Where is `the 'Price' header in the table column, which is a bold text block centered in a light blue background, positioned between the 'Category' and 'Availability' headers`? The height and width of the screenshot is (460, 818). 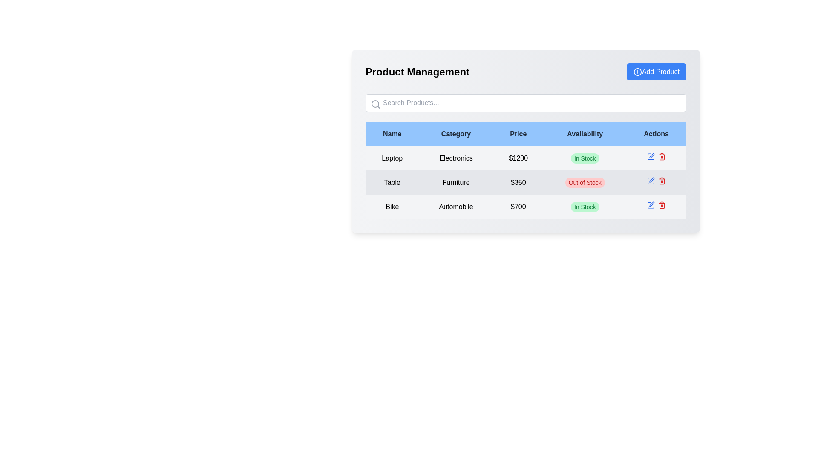 the 'Price' header in the table column, which is a bold text block centered in a light blue background, positioned between the 'Category' and 'Availability' headers is located at coordinates (518, 134).